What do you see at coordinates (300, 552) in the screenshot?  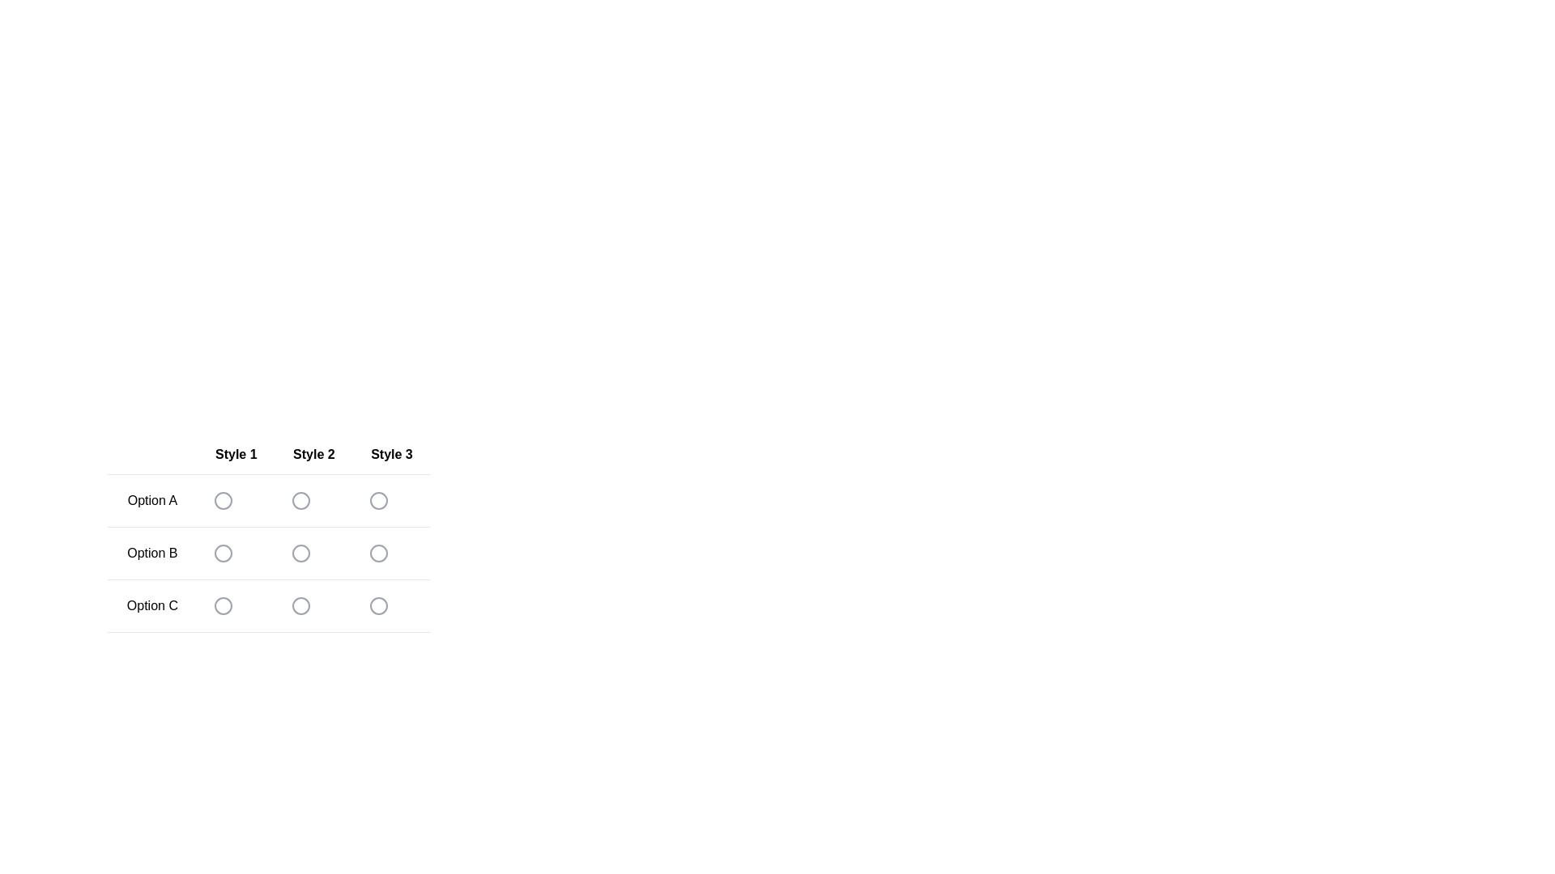 I see `the radio button in the 'Style 2' column under the 'Option B' label` at bounding box center [300, 552].